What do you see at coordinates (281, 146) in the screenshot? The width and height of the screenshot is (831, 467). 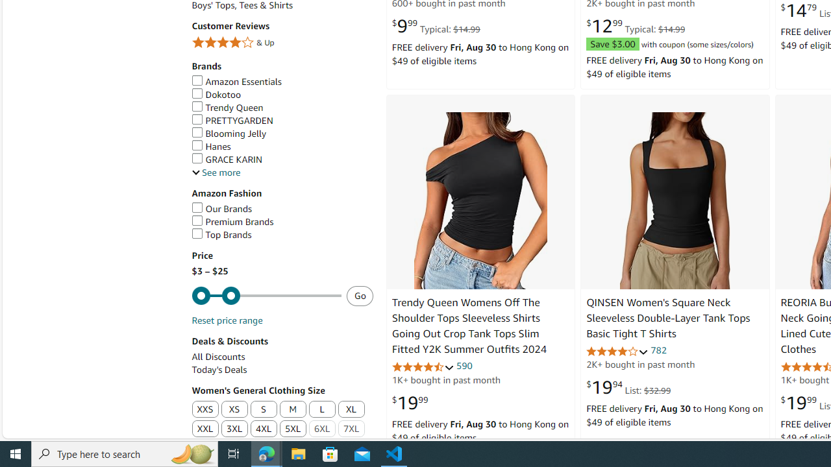 I see `'Hanes'` at bounding box center [281, 146].